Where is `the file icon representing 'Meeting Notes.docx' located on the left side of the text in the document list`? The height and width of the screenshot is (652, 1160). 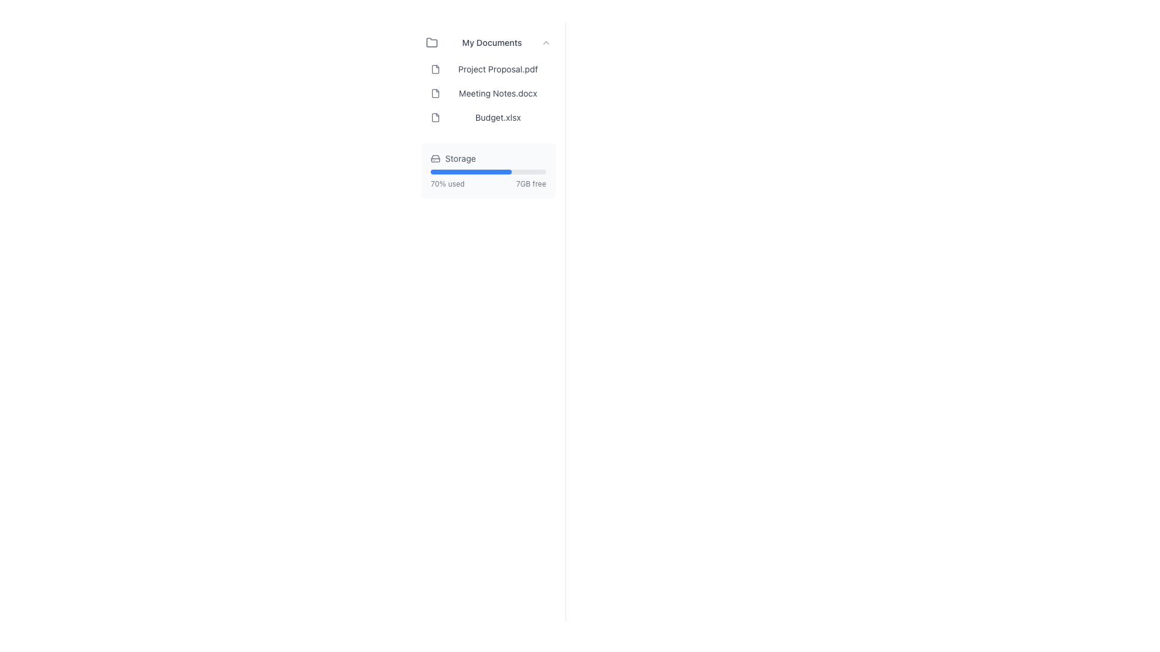 the file icon representing 'Meeting Notes.docx' located on the left side of the text in the document list is located at coordinates (435, 92).